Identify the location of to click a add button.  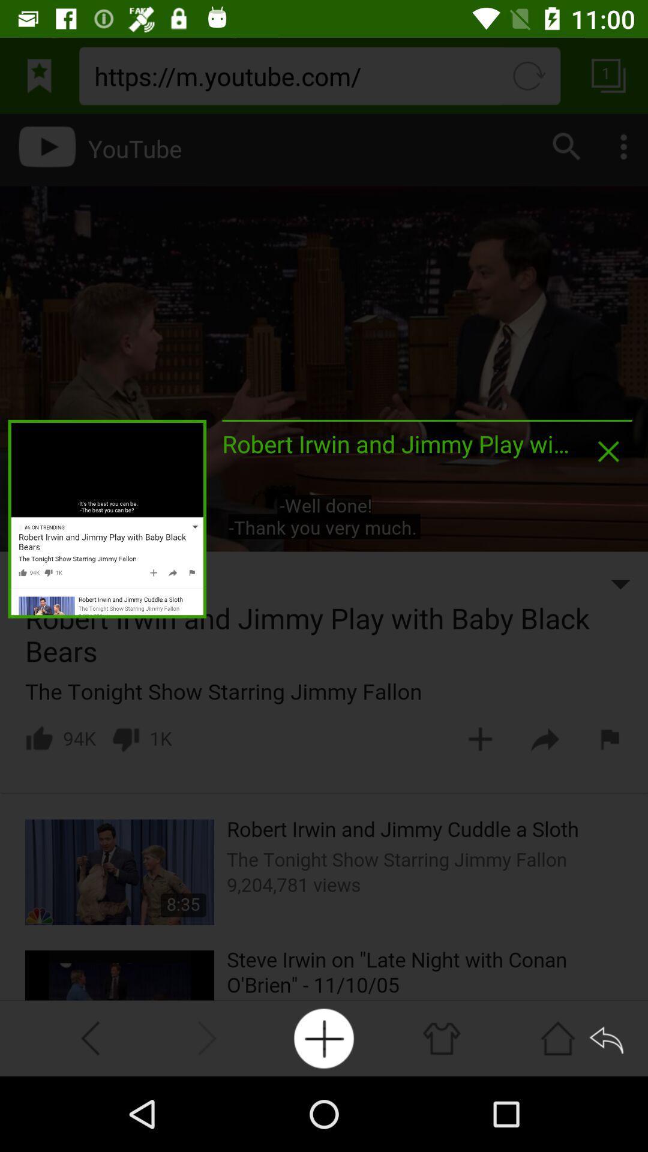
(324, 1038).